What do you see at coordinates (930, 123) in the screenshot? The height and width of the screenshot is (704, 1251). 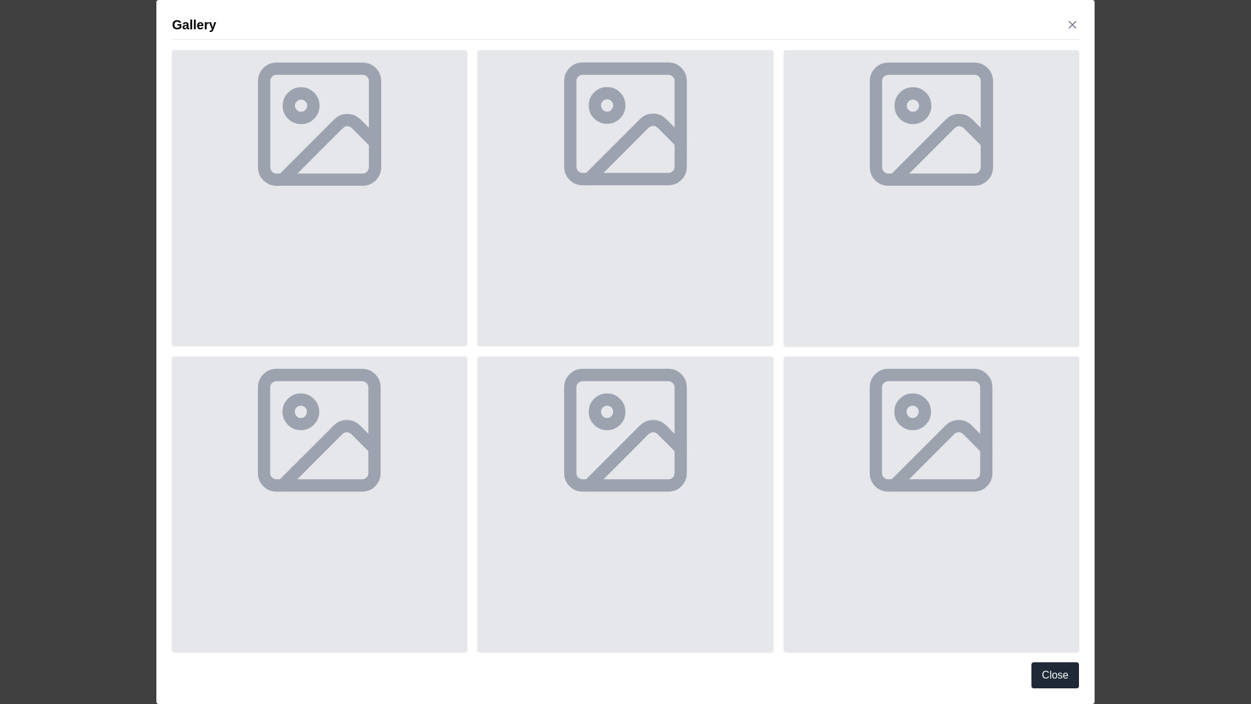 I see `the minimalistic light gray icon located in the top row, third position from the left in a 3x2 grid layout` at bounding box center [930, 123].